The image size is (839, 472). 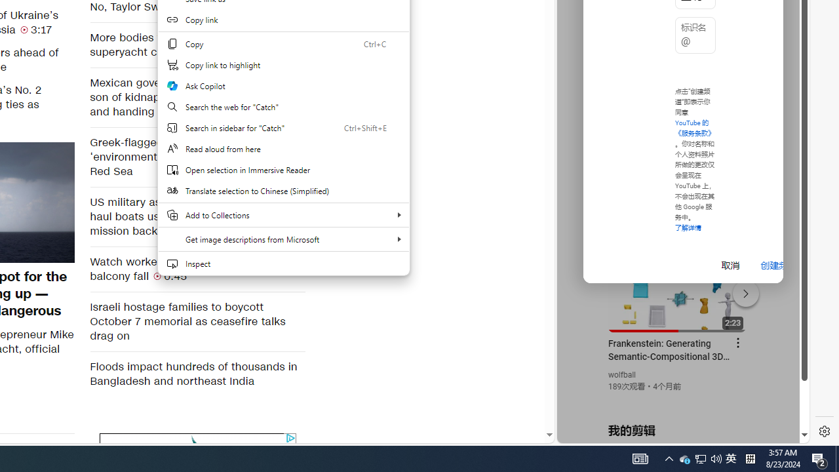 I want to click on 'Copy', so click(x=283, y=43).